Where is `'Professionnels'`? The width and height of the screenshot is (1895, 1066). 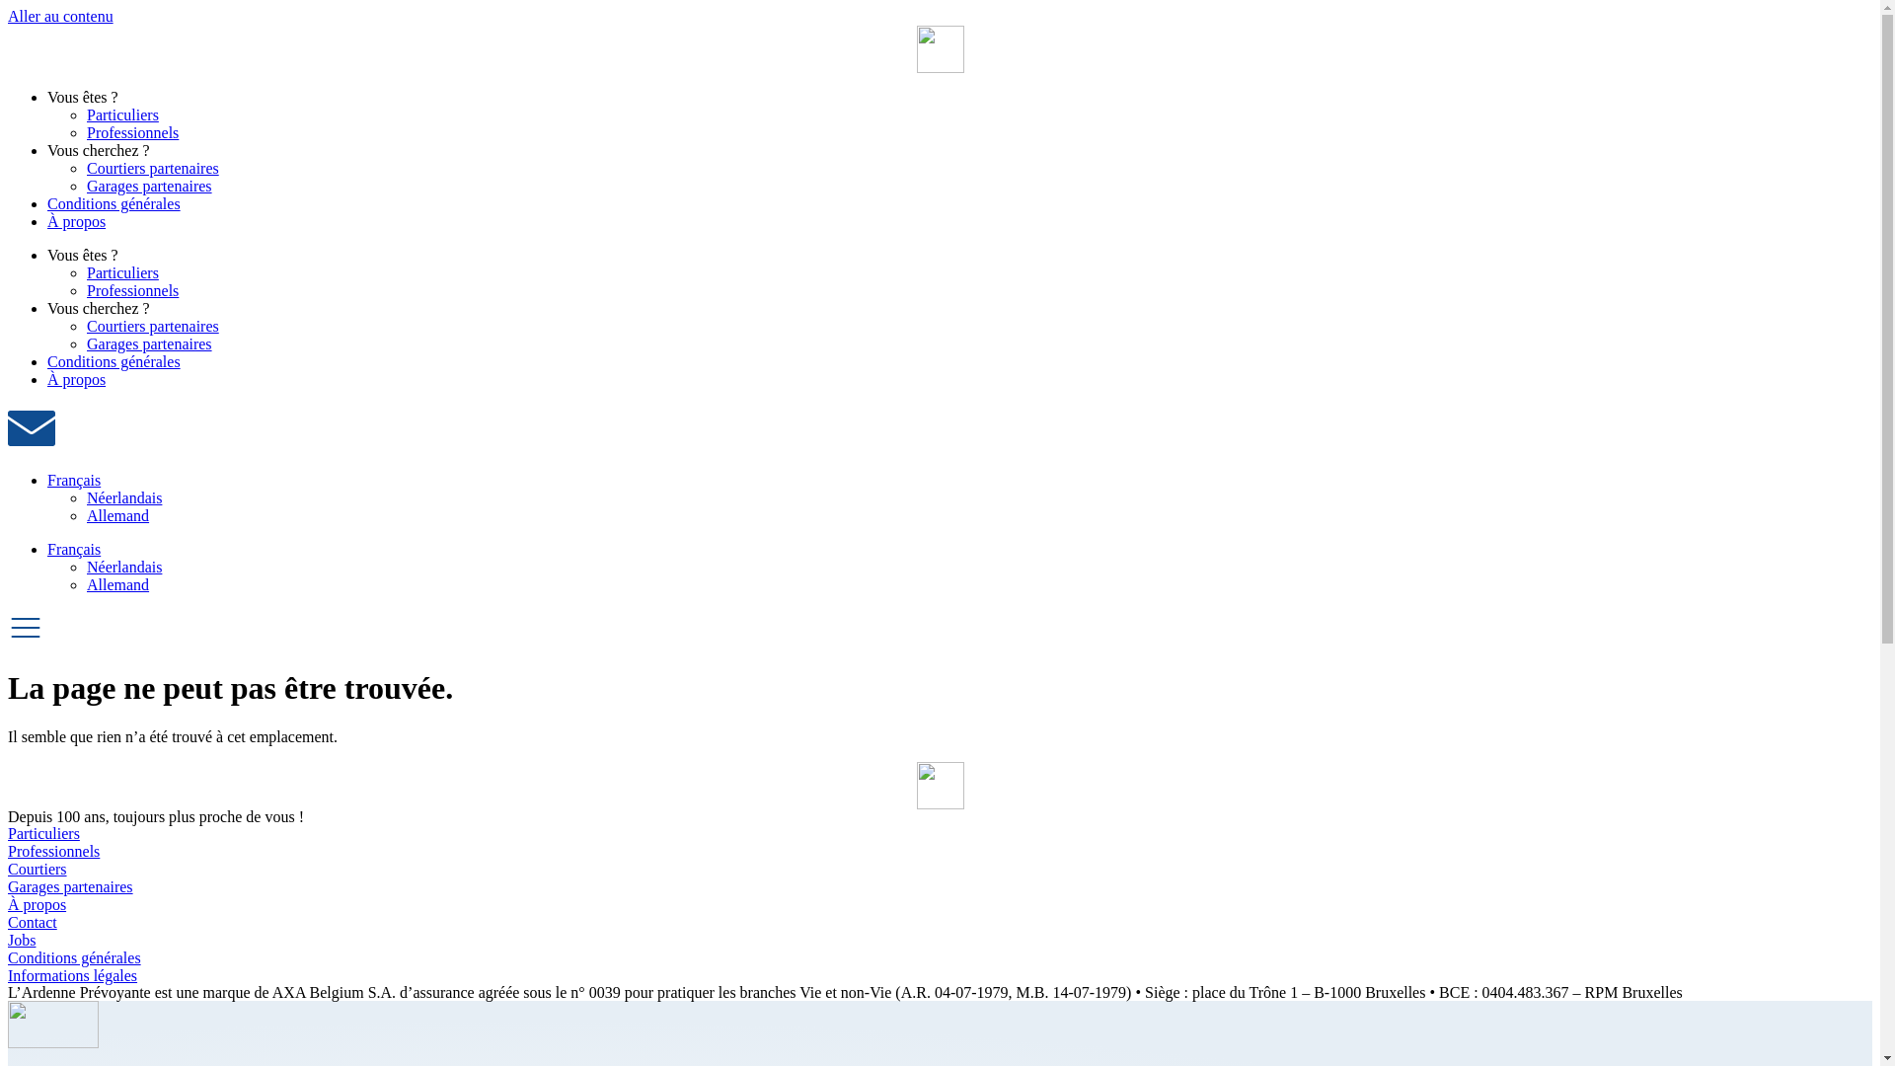 'Professionnels' is located at coordinates (131, 290).